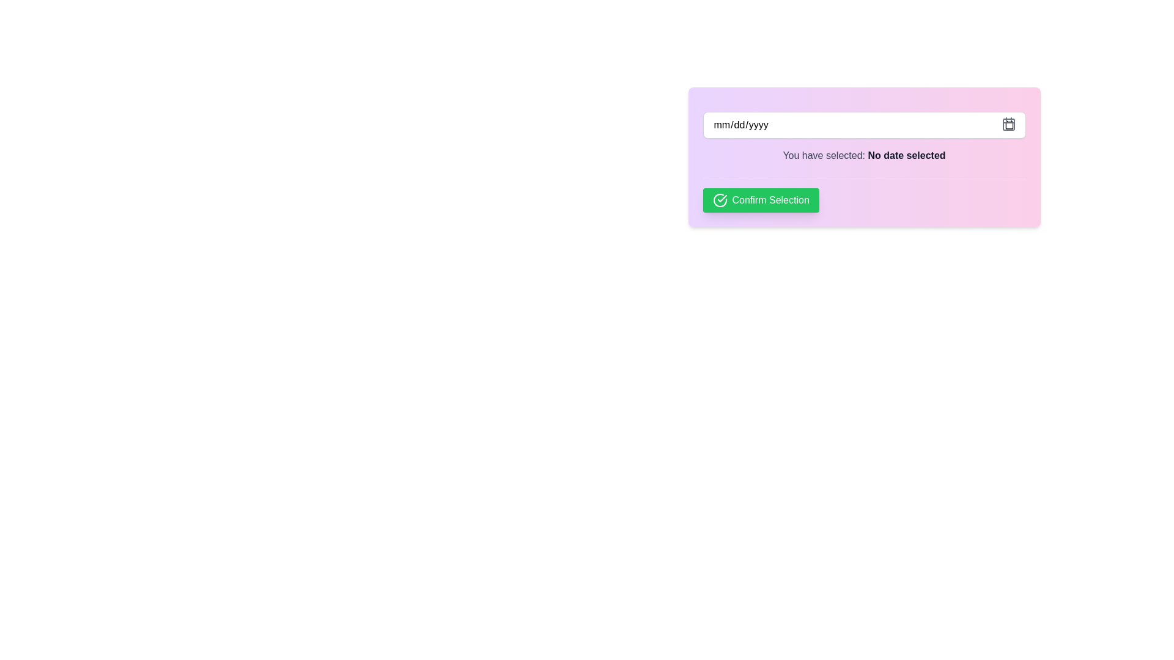  I want to click on the confirmation button located at the bottom-left corner of the purple rectangular area to confirm the user's selection, so click(760, 199).